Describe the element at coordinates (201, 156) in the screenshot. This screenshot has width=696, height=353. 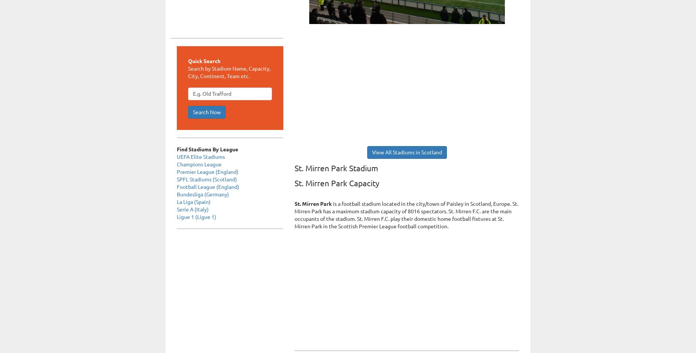
I see `'UEFA Elite Stadiums'` at that location.